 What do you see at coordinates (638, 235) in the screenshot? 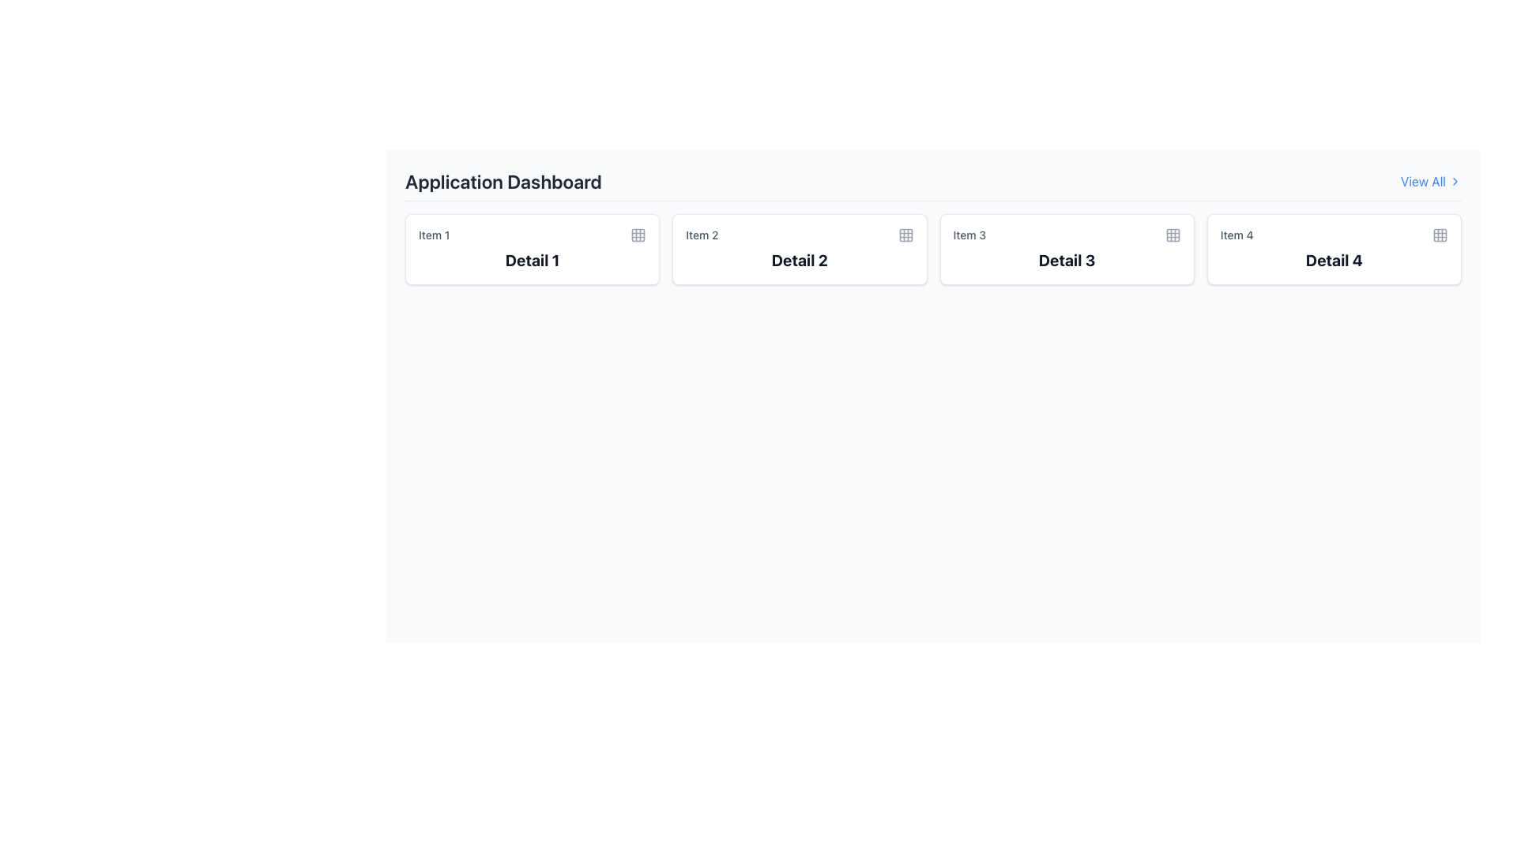
I see `the grid icon located at the far-right corner of the card labeled 'Item 1'` at bounding box center [638, 235].